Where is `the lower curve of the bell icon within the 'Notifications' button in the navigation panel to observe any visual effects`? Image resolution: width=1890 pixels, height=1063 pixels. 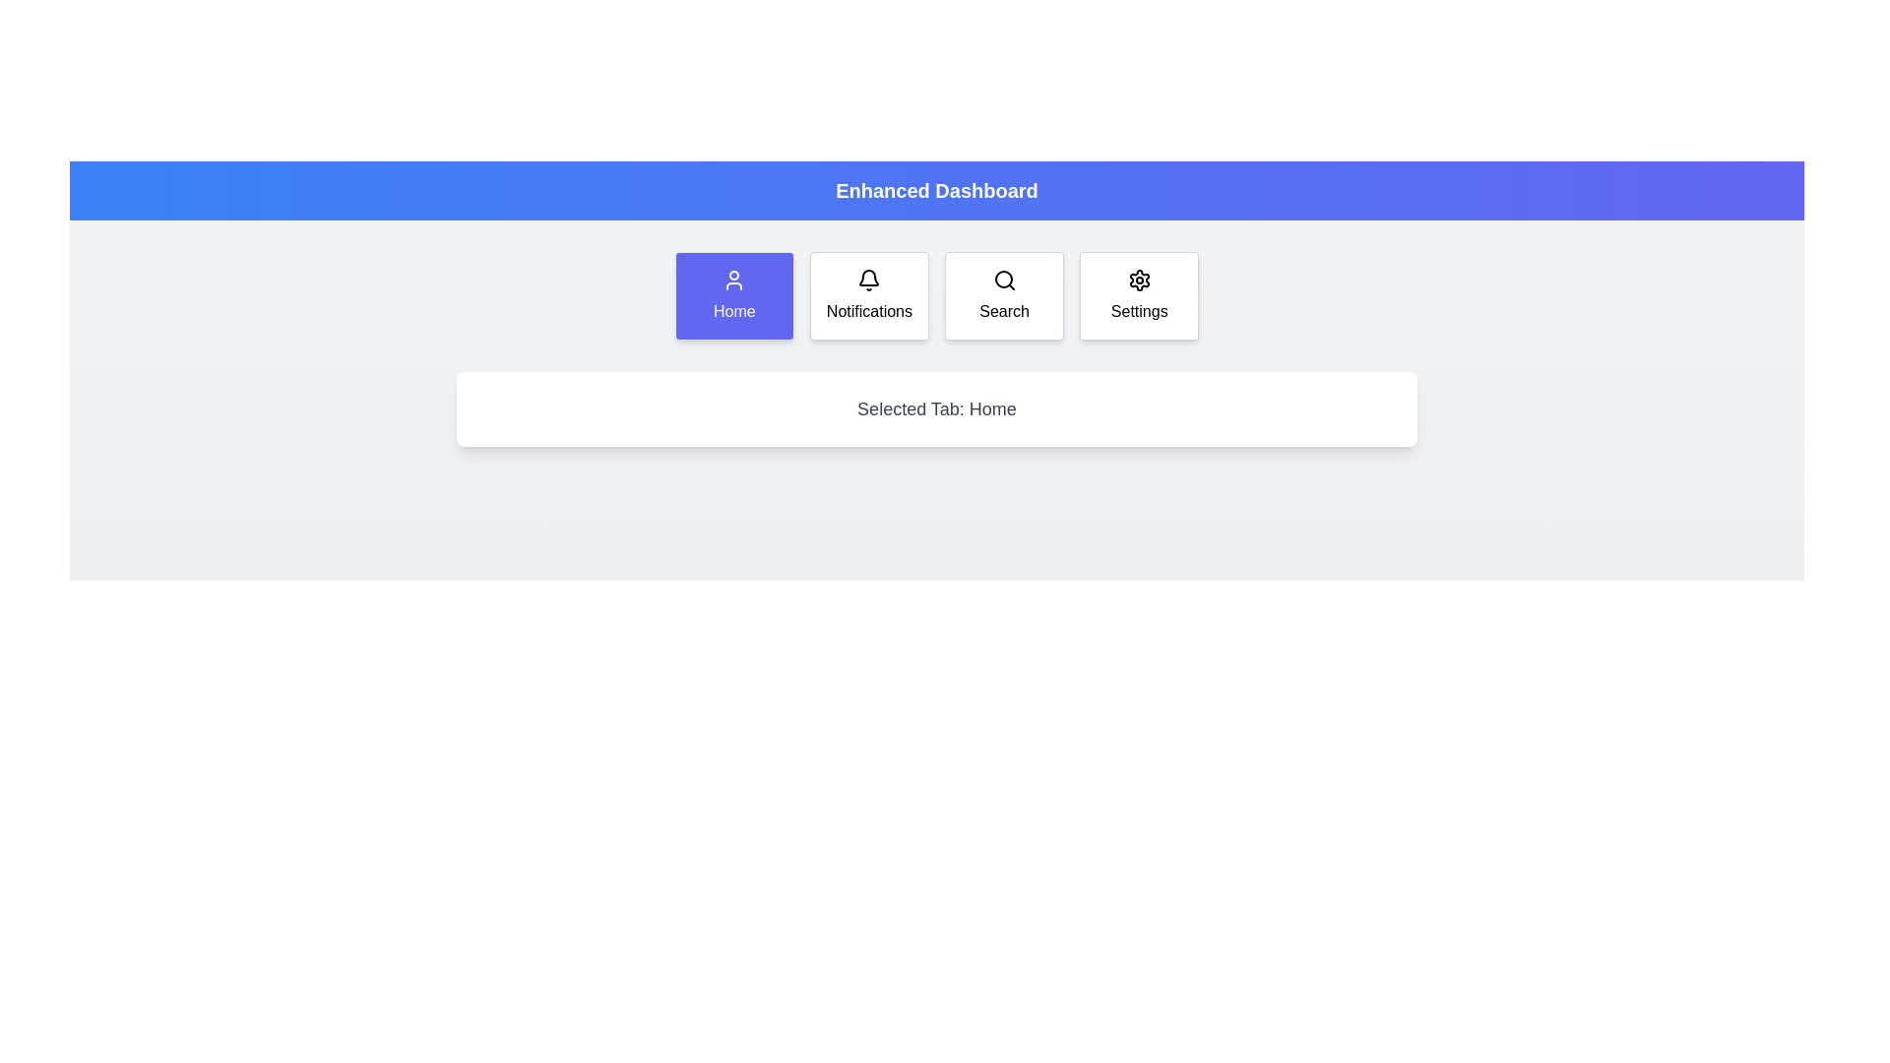 the lower curve of the bell icon within the 'Notifications' button in the navigation panel to observe any visual effects is located at coordinates (868, 278).